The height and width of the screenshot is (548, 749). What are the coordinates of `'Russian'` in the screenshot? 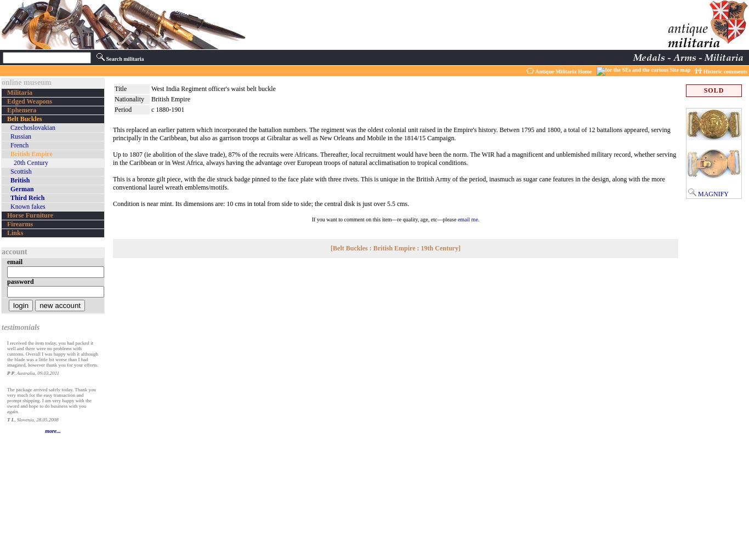 It's located at (20, 136).